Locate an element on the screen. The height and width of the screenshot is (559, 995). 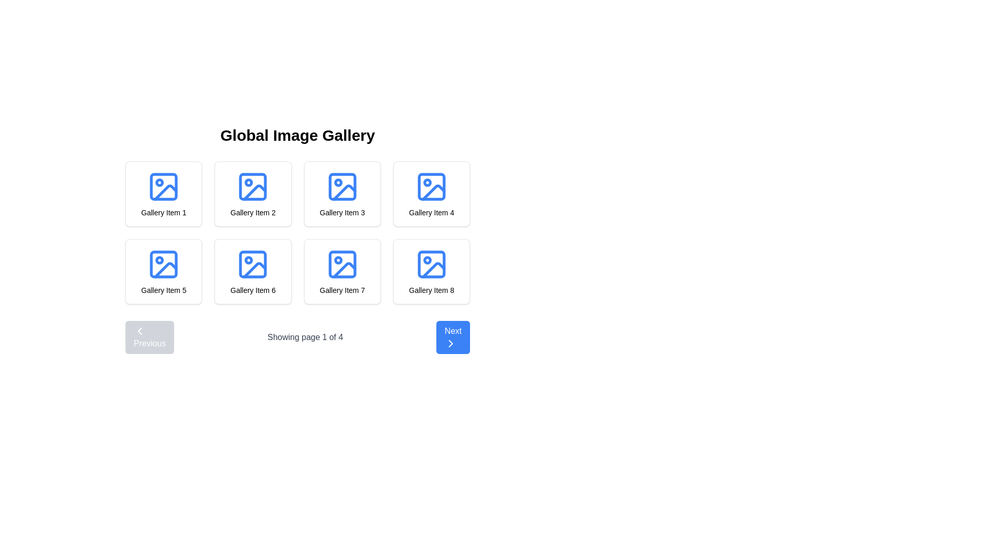
the Decorative Rectangle located in the top-left corner of the eighth gallery item image icon is located at coordinates (431, 263).